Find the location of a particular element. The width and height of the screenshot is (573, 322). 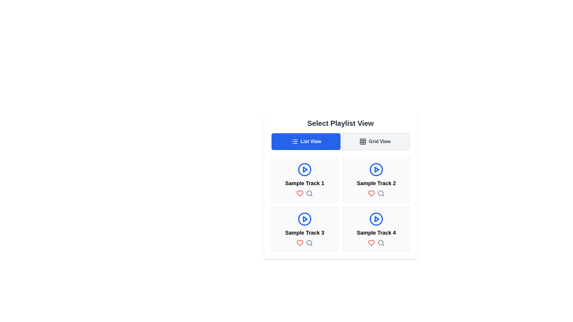

the 'Grid View' label, which is the second item in the horizontal selection bar for changing the playlist view is located at coordinates (379, 141).